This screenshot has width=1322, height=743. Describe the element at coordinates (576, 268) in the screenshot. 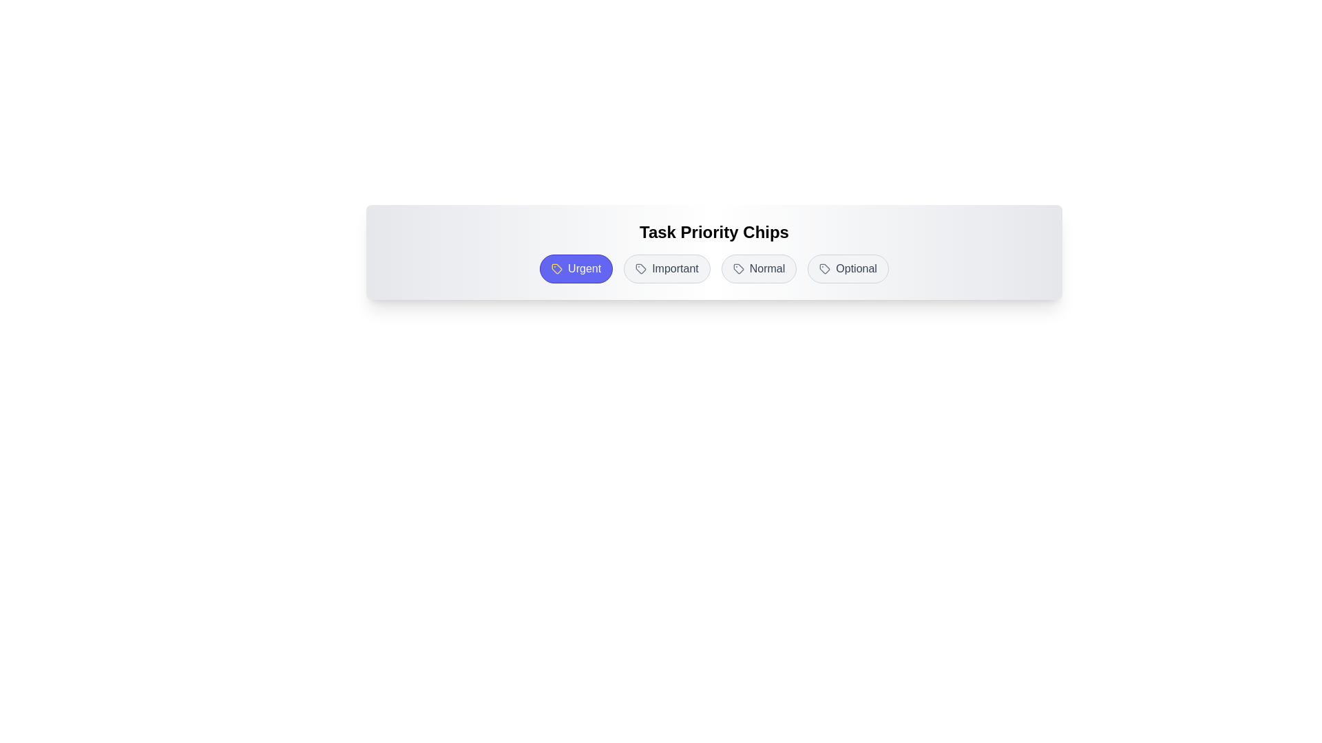

I see `the chip labeled Urgent to toggle its state` at that location.